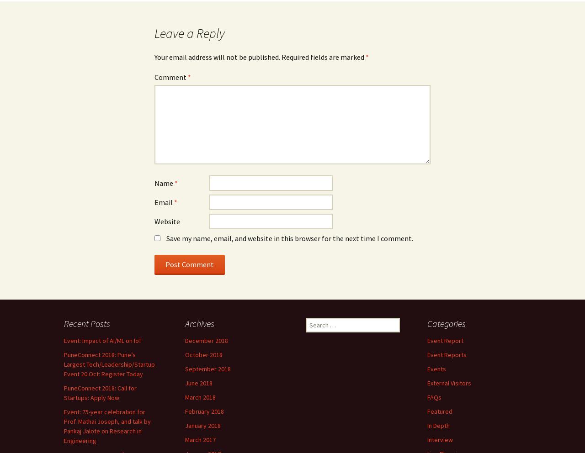 Image resolution: width=585 pixels, height=453 pixels. What do you see at coordinates (217, 56) in the screenshot?
I see `'Your email address will not be published.'` at bounding box center [217, 56].